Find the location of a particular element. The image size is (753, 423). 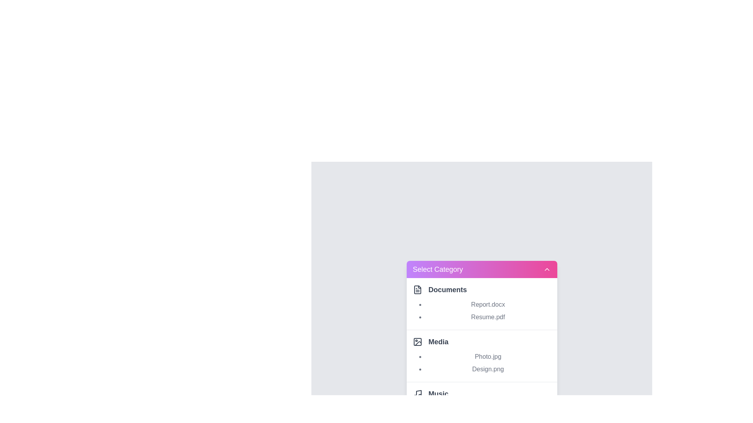

the 'Music' category icon located at the bottom of the 'Select Category' panel under the 'Media' section is located at coordinates (417, 394).